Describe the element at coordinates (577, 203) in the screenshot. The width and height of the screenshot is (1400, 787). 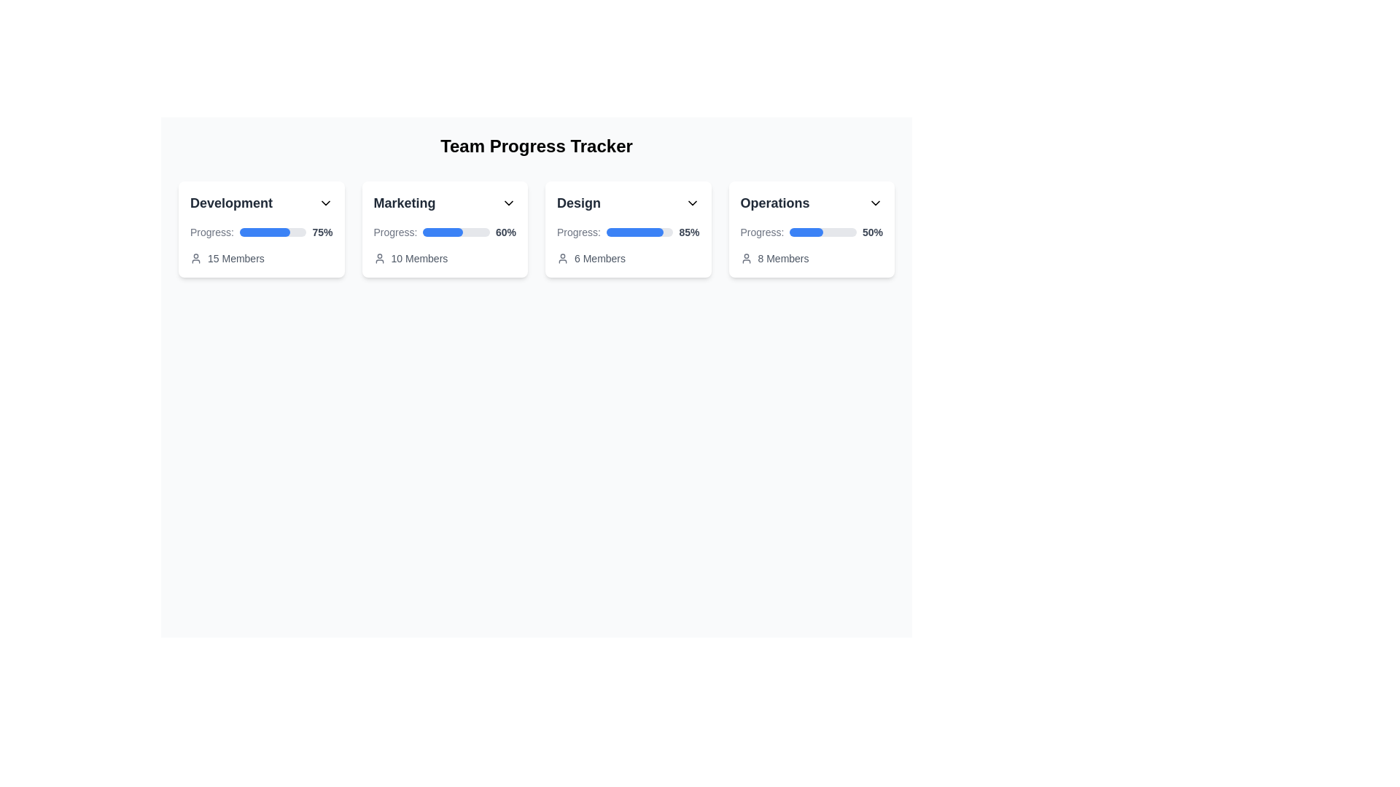
I see `the title label of the third card in the 'Team Progress Tracker' section, which is located at the top center of the card and near a dropdown icon` at that location.